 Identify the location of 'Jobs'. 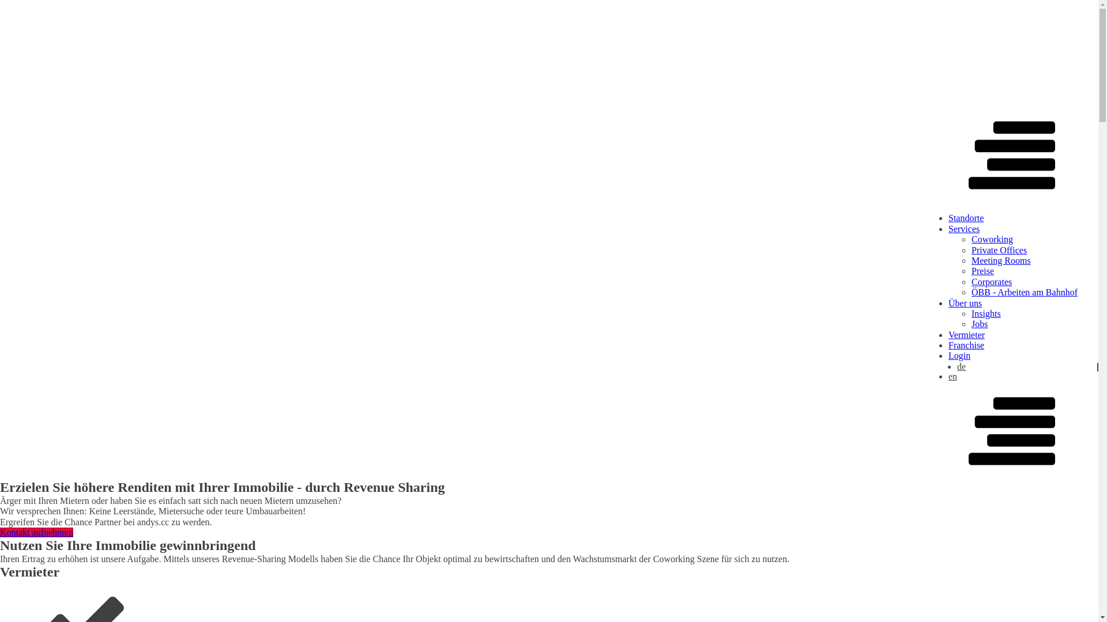
(970, 324).